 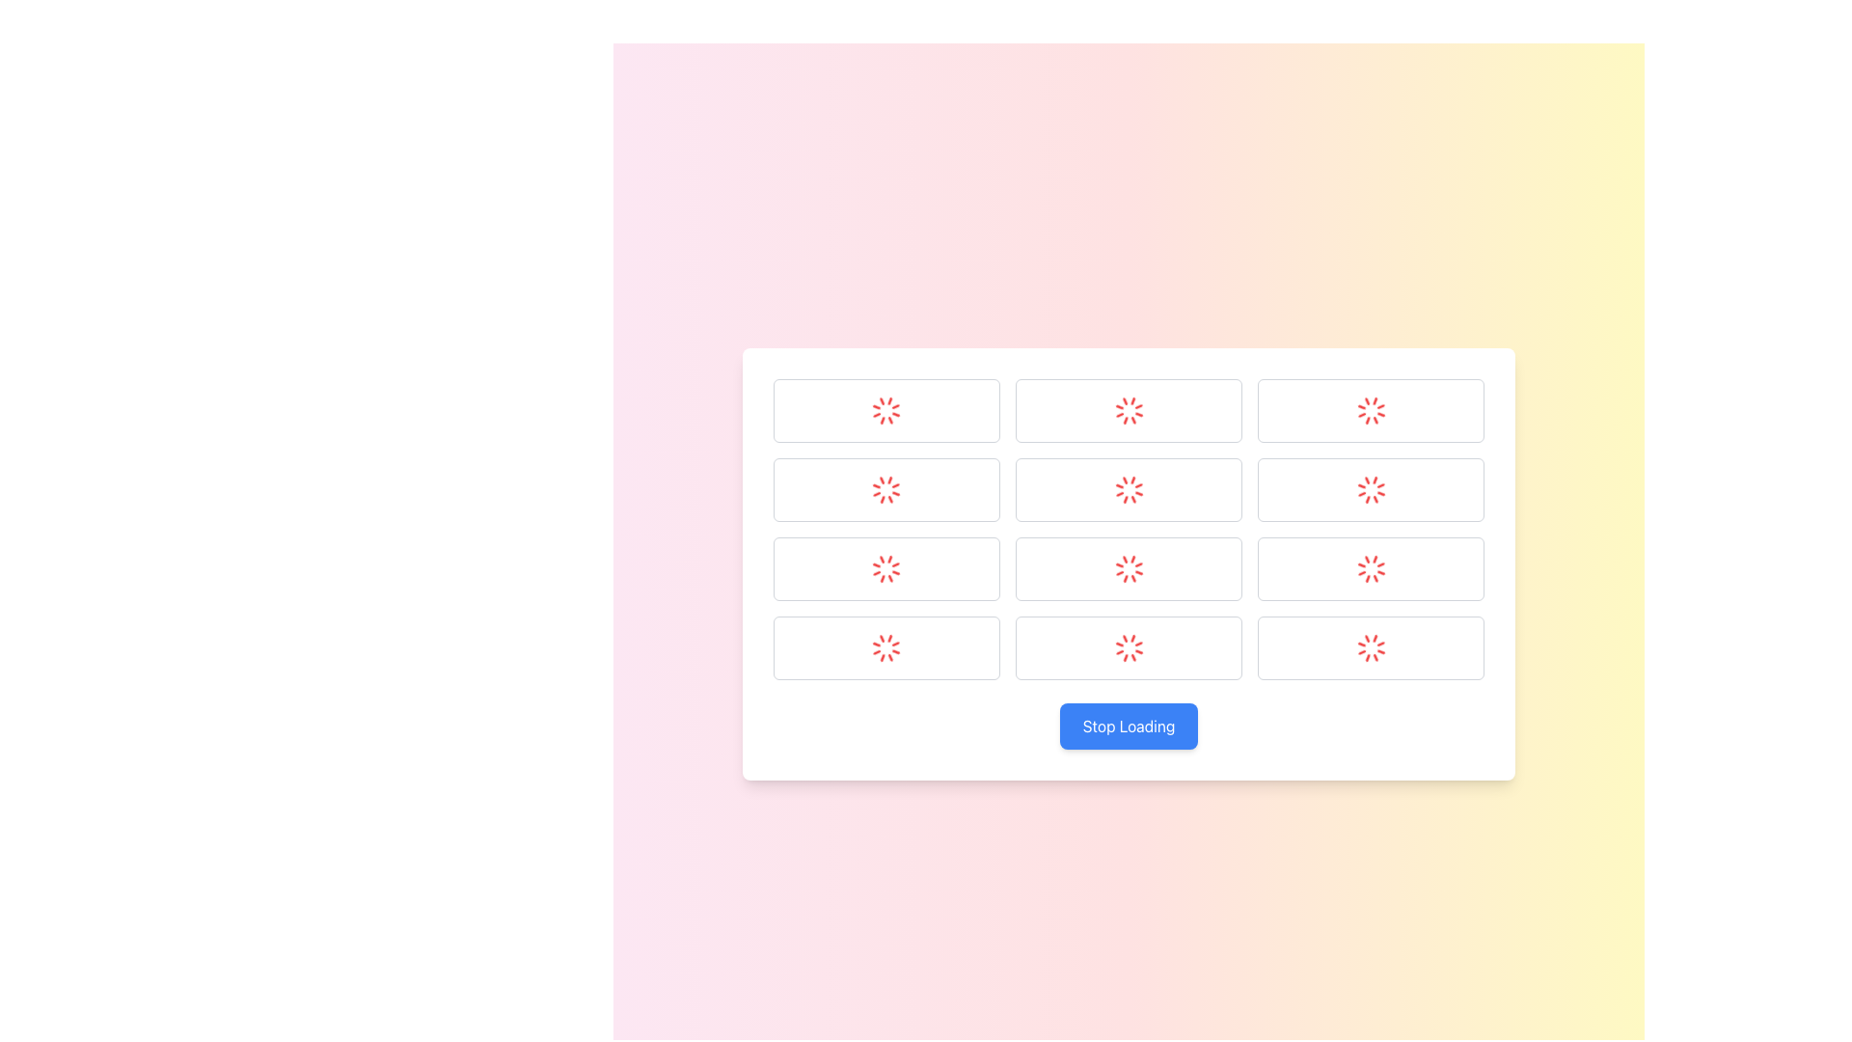 I want to click on the animated loader icon, which is a red spinning loader positioned centrally in the fifth row and third column of a grid layout, so click(x=1129, y=568).